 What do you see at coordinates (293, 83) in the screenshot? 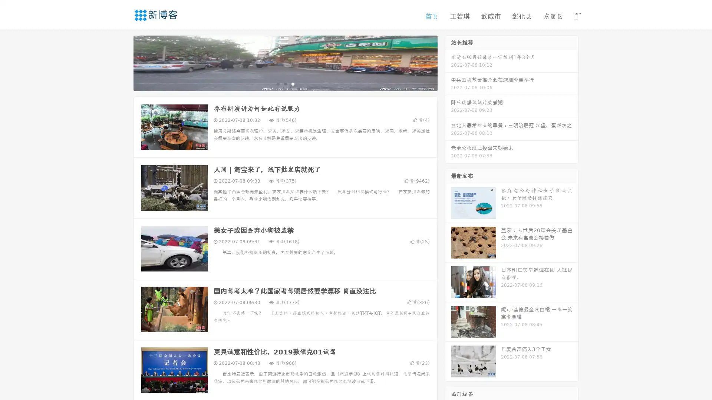
I see `Go to slide 3` at bounding box center [293, 83].